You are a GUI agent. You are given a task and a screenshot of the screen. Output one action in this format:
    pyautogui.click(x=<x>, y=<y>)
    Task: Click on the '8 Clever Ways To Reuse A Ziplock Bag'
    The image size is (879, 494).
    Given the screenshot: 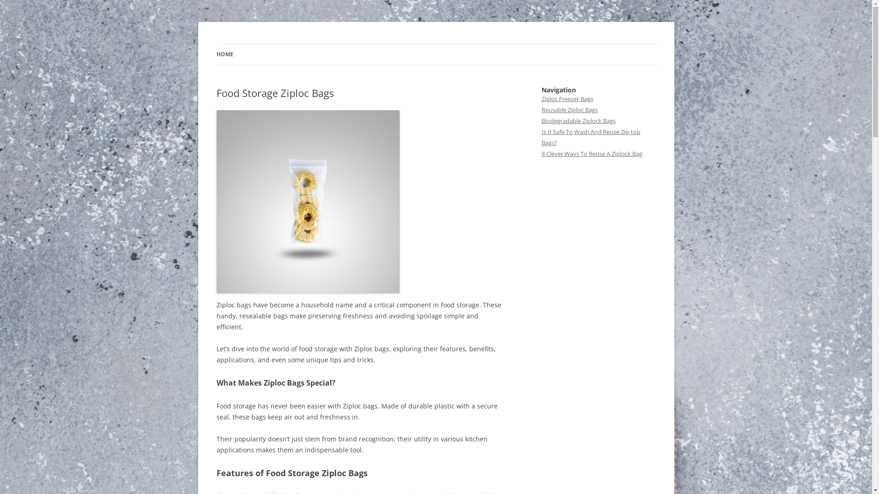 What is the action you would take?
    pyautogui.click(x=591, y=153)
    